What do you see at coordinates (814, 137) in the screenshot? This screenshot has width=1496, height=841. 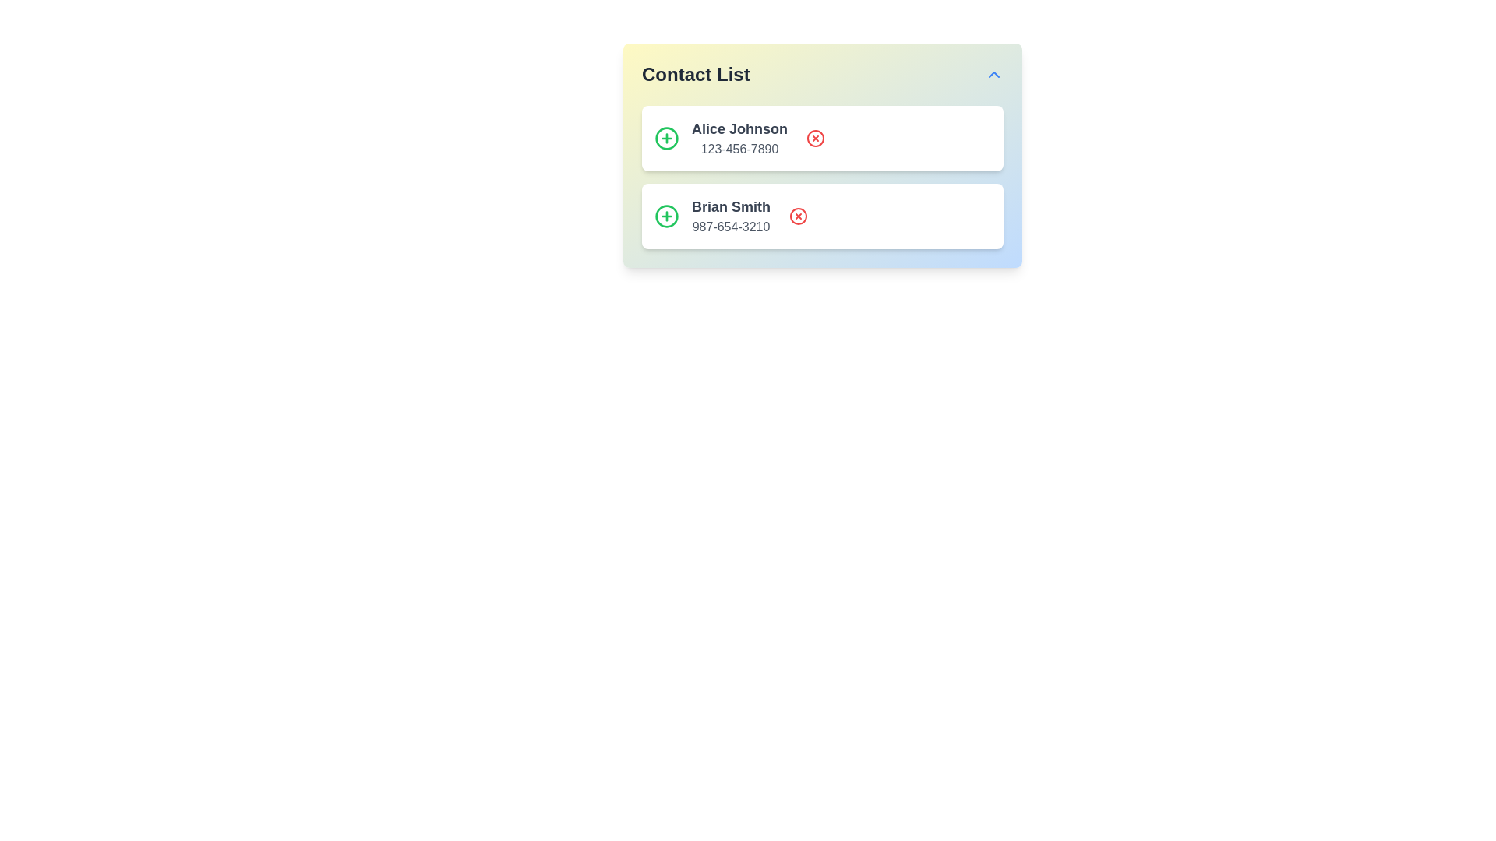 I see `the red circular icon with a white 'X'` at bounding box center [814, 137].